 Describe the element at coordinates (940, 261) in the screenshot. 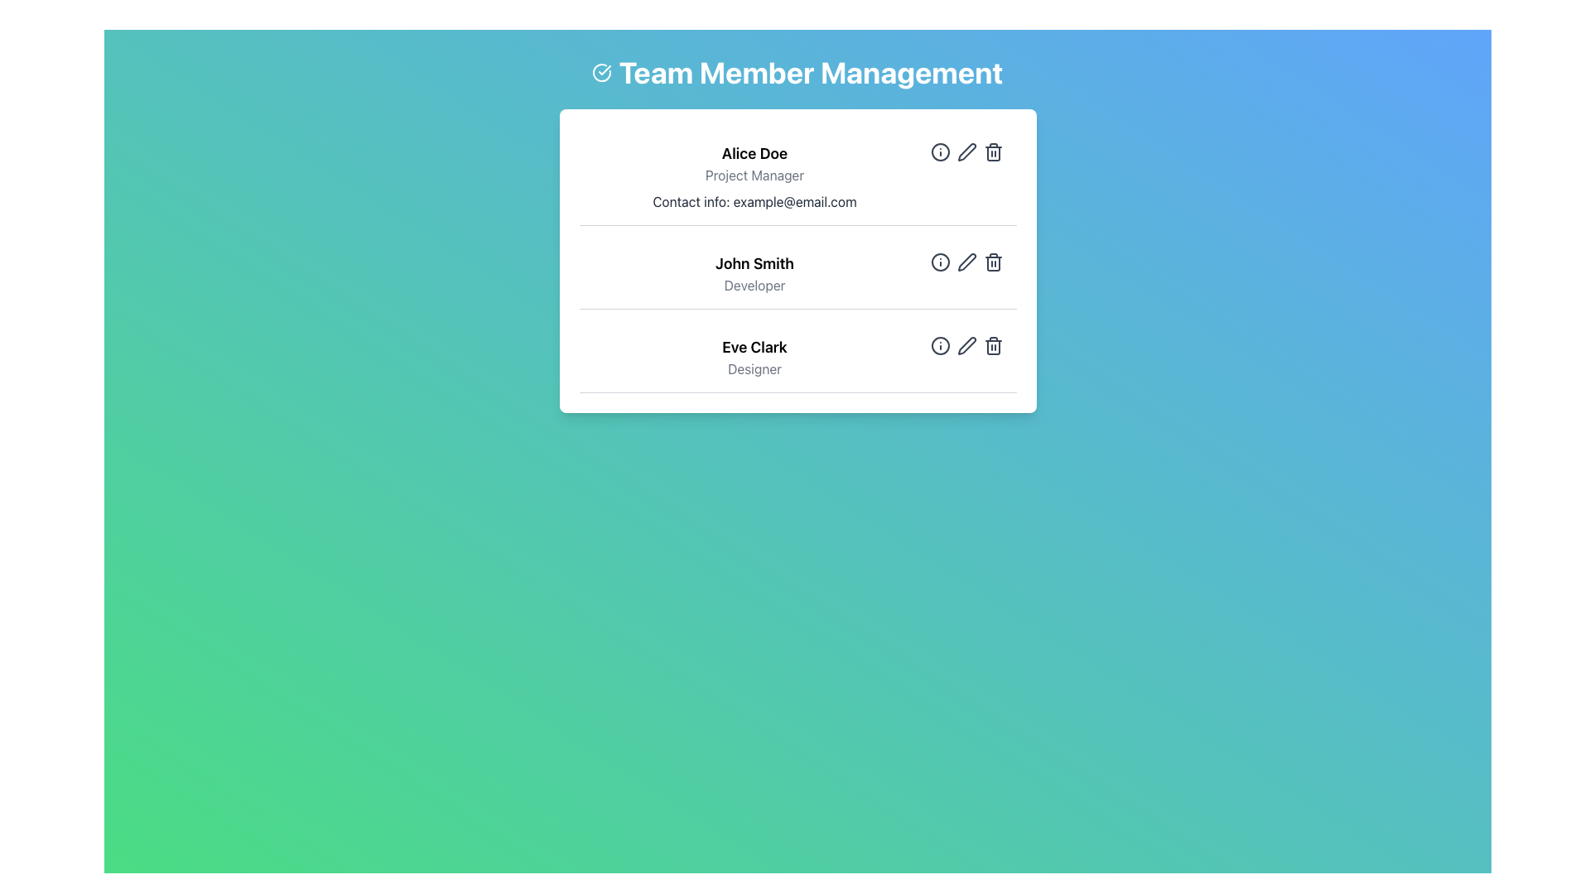

I see `the circular element within the SVG graphic that indicates additional information, located next to 'John Smith' in the second row` at that location.